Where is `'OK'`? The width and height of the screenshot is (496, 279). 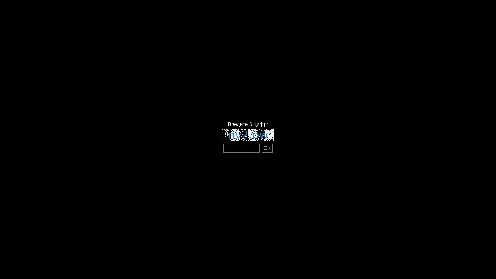
'OK' is located at coordinates (267, 148).